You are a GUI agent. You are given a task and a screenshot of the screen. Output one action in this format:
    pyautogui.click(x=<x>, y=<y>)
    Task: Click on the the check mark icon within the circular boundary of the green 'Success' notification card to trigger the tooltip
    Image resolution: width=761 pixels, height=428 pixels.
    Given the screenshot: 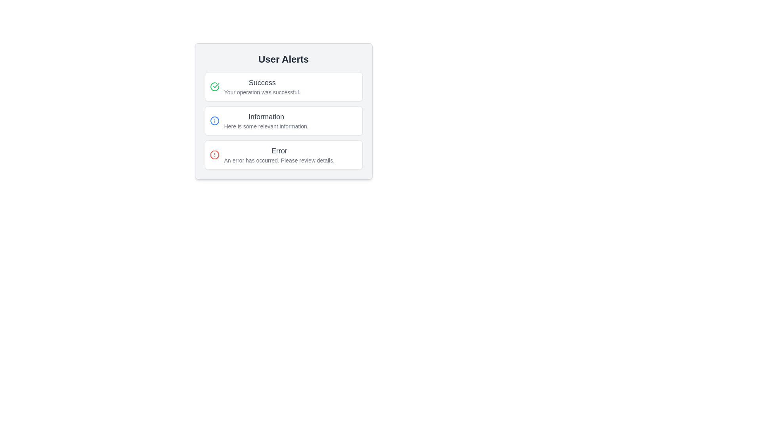 What is the action you would take?
    pyautogui.click(x=216, y=86)
    